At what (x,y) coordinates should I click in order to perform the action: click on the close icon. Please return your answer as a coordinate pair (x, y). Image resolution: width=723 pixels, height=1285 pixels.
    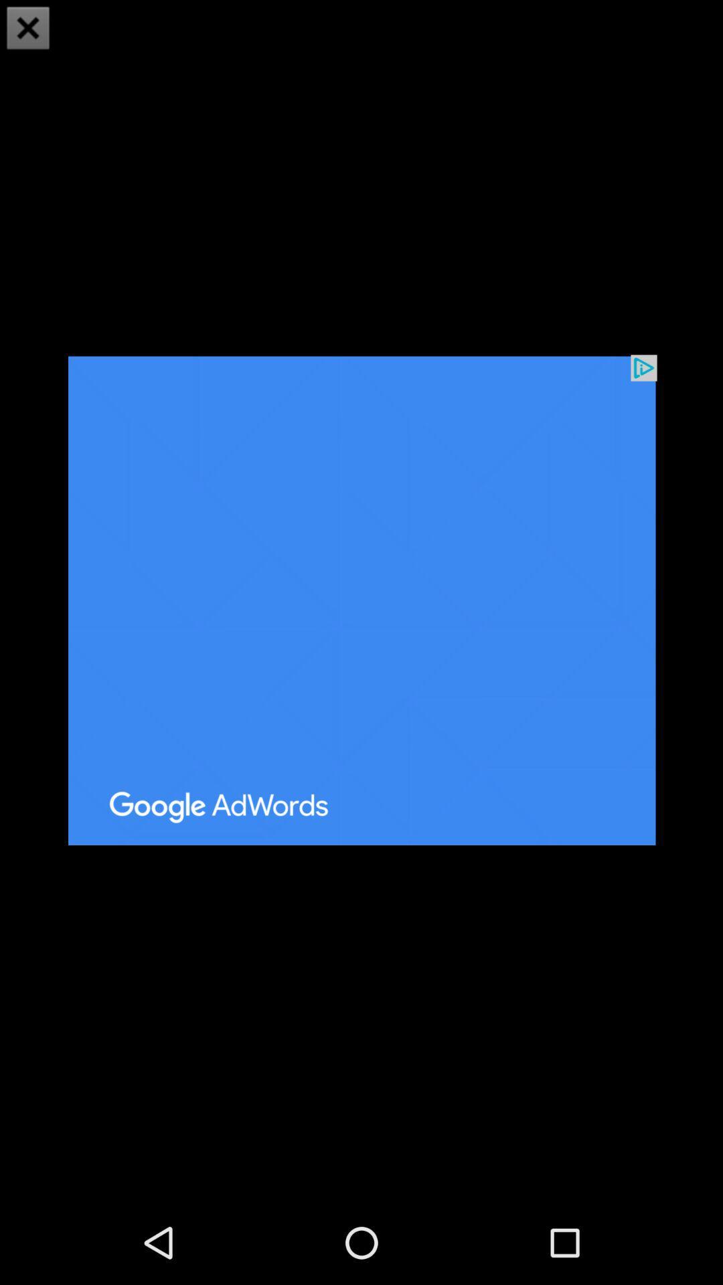
    Looking at the image, I should click on (28, 29).